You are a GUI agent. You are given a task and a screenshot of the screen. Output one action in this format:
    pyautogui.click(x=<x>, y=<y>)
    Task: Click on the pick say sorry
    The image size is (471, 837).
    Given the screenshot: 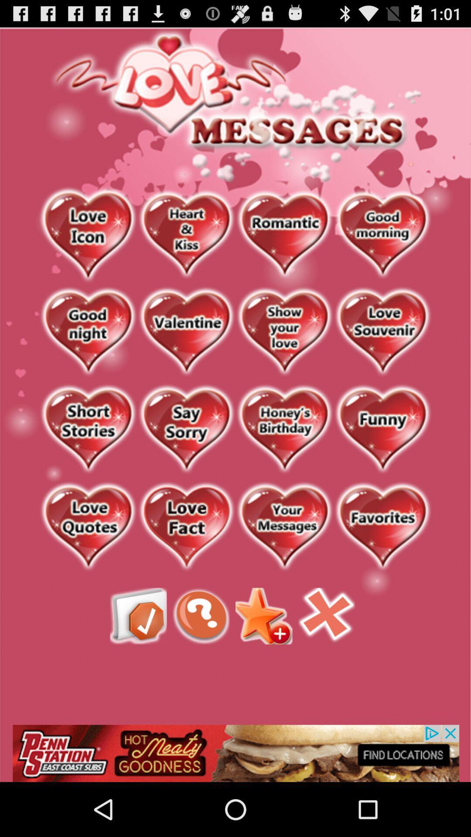 What is the action you would take?
    pyautogui.click(x=186, y=430)
    